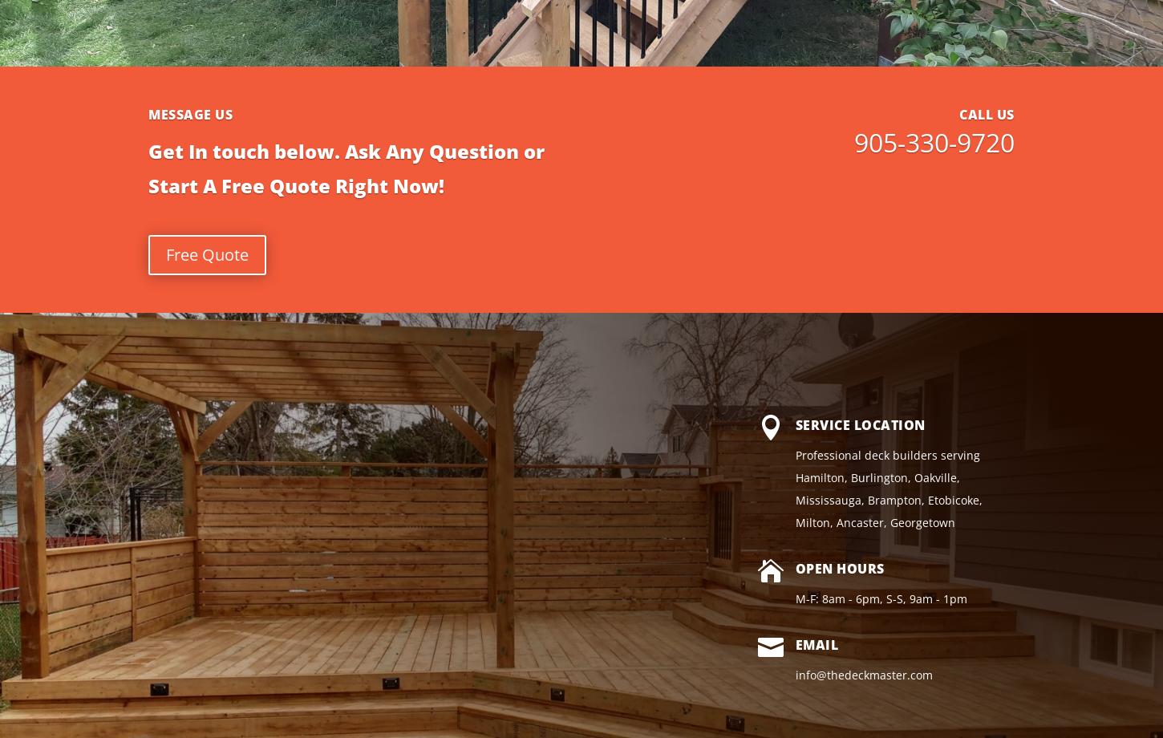  What do you see at coordinates (879, 598) in the screenshot?
I see `'M-F: 8am - 6pm, S-S, 9am - 1pm'` at bounding box center [879, 598].